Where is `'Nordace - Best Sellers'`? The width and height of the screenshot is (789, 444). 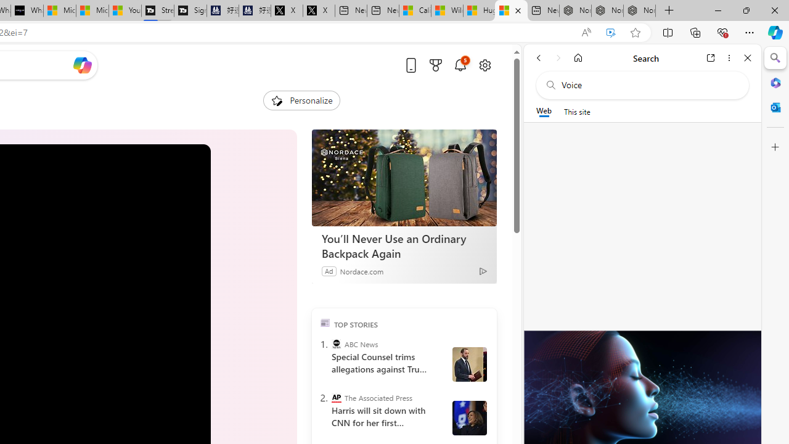 'Nordace - Best Sellers' is located at coordinates (574, 10).